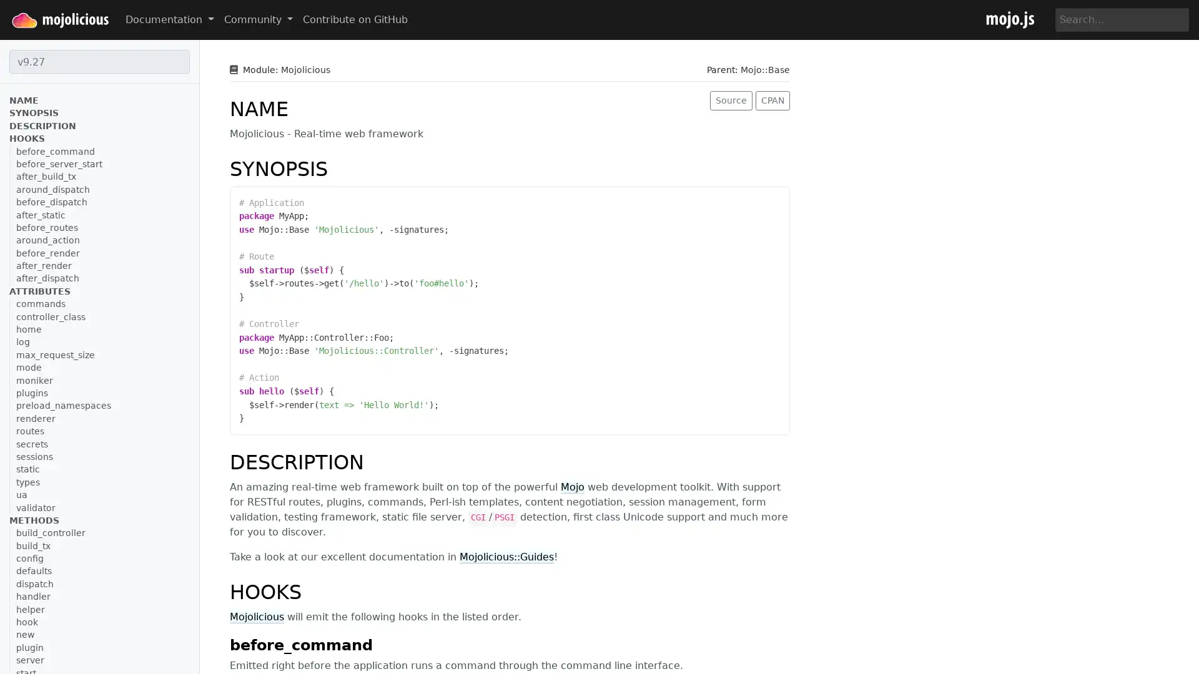 The width and height of the screenshot is (1199, 674). I want to click on CPAN, so click(772, 99).